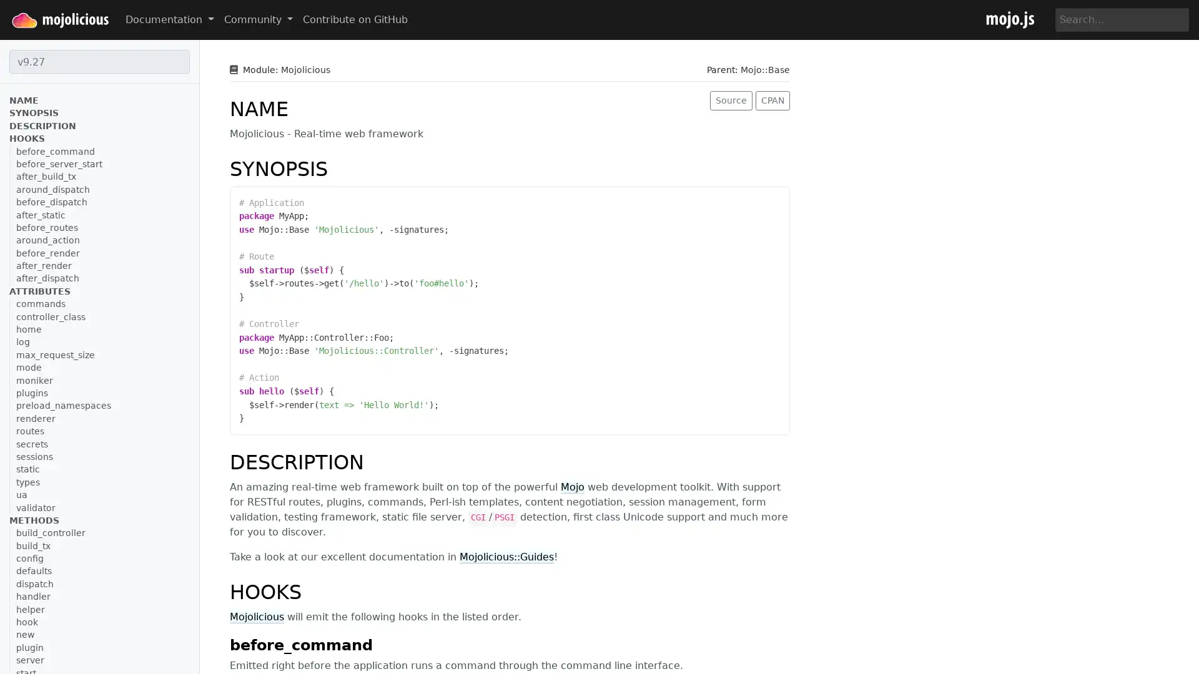 The width and height of the screenshot is (1199, 674). I want to click on CPAN, so click(772, 99).